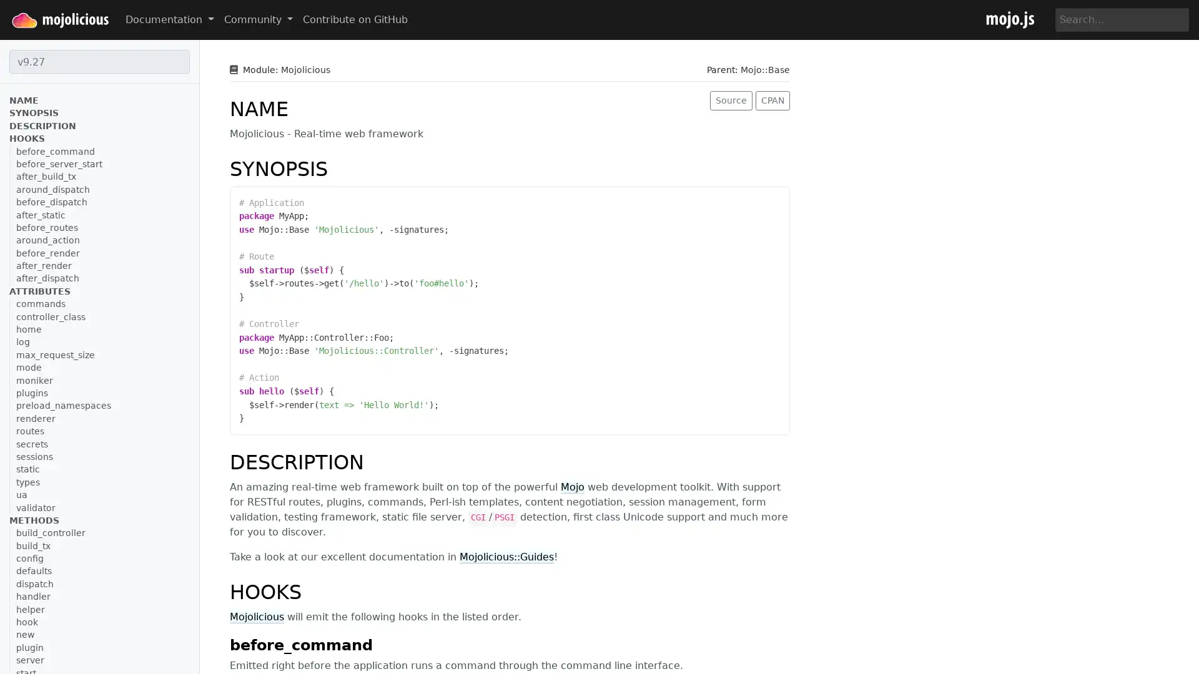 The width and height of the screenshot is (1199, 674). I want to click on CPAN, so click(772, 99).